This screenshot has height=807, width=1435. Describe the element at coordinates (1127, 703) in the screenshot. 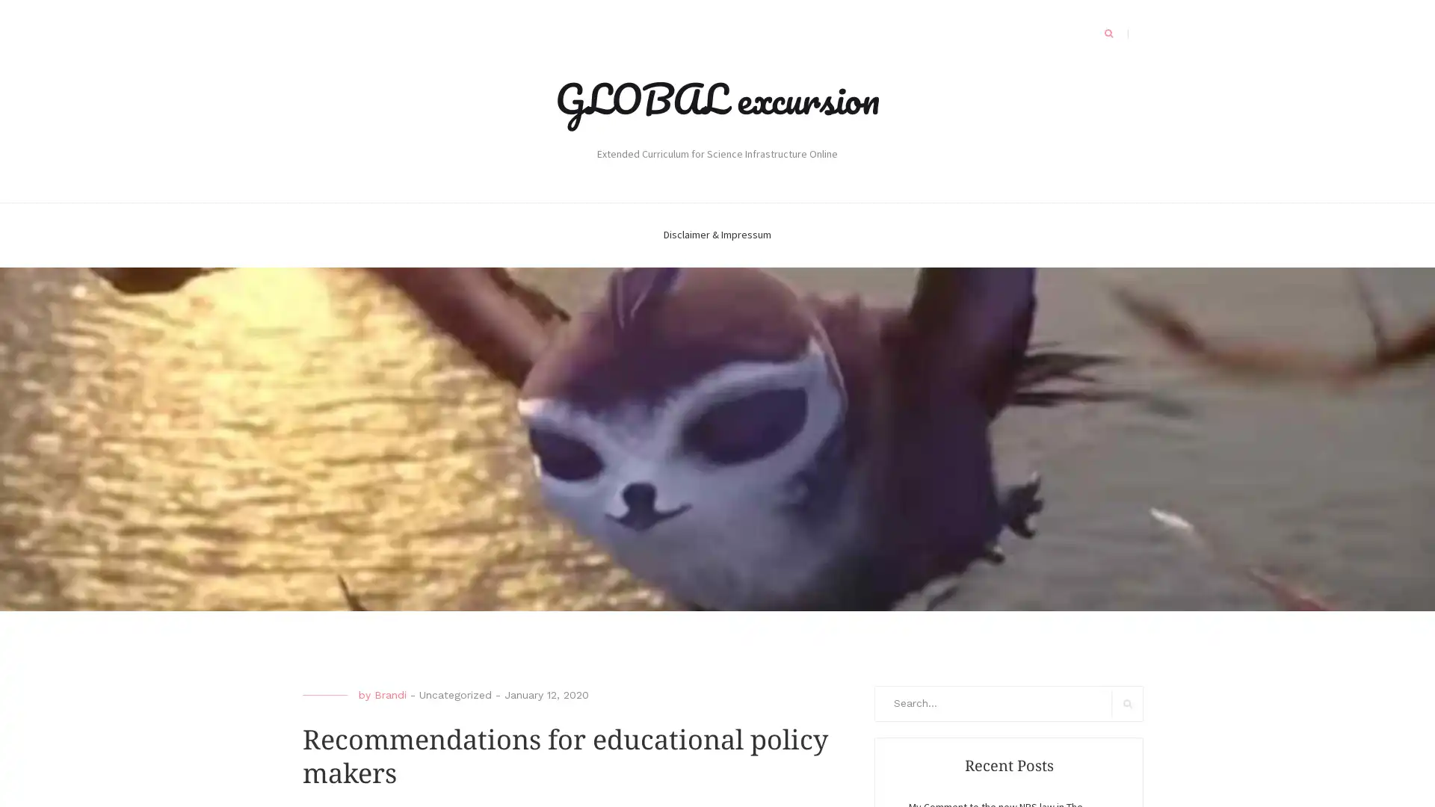

I see `Search` at that location.